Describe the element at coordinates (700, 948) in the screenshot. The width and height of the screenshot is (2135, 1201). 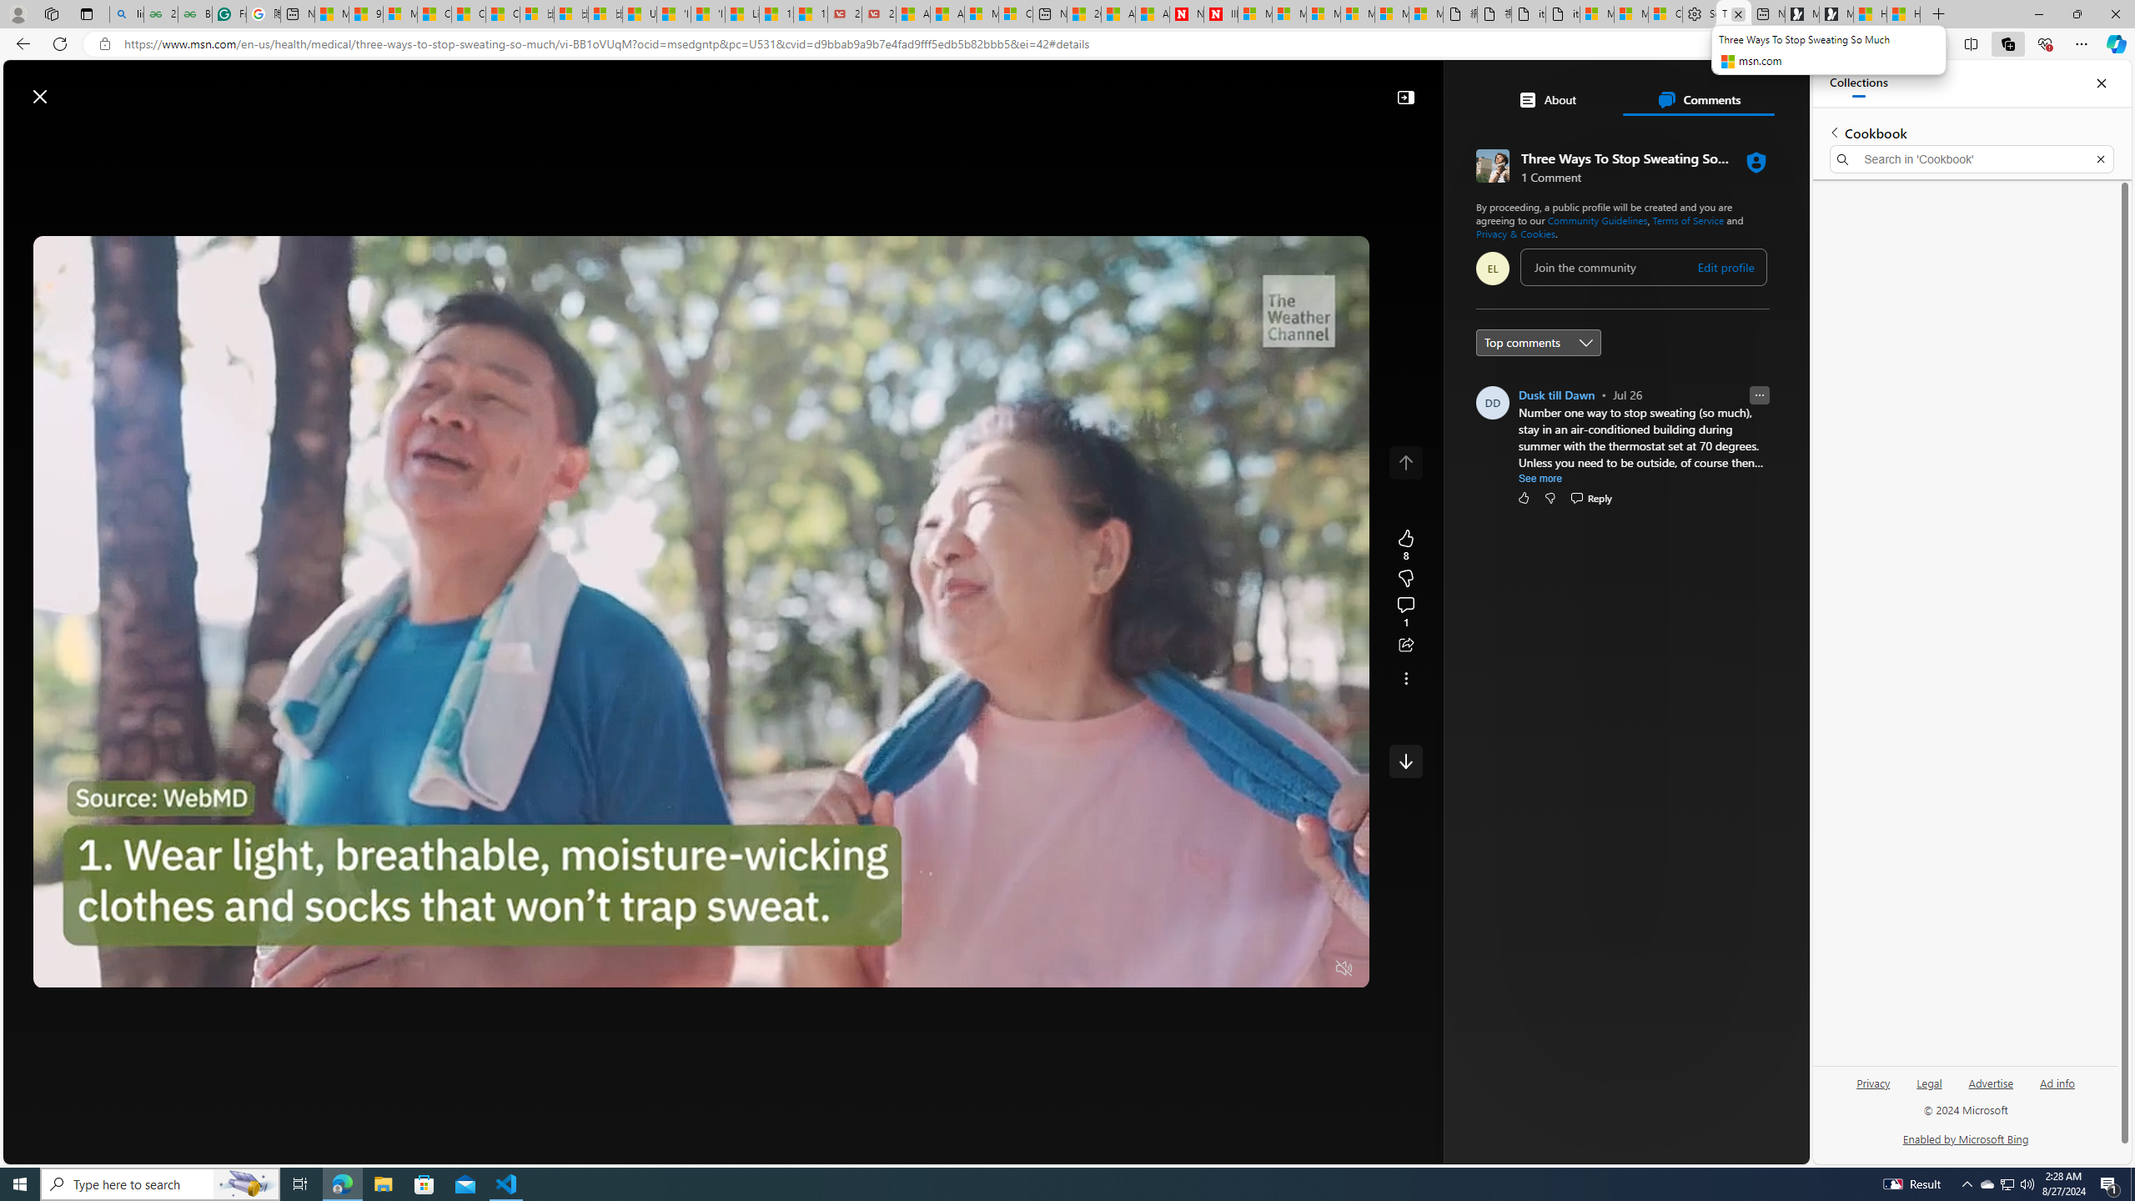
I see `'Progress Bar'` at that location.